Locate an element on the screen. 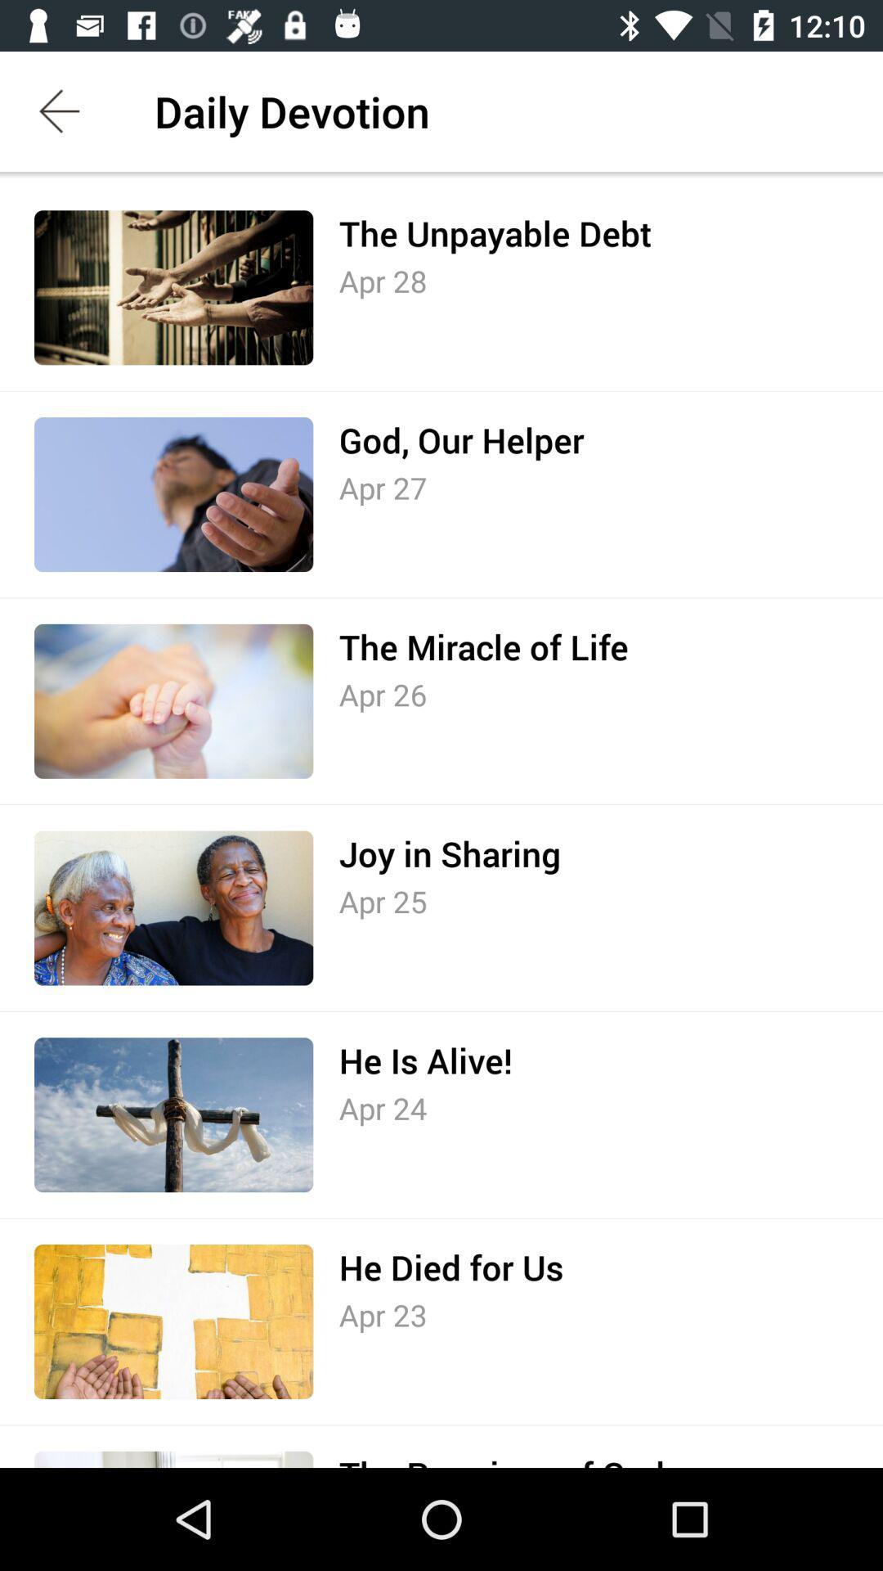 This screenshot has width=883, height=1571. the the unpayable debt icon is located at coordinates (494, 232).